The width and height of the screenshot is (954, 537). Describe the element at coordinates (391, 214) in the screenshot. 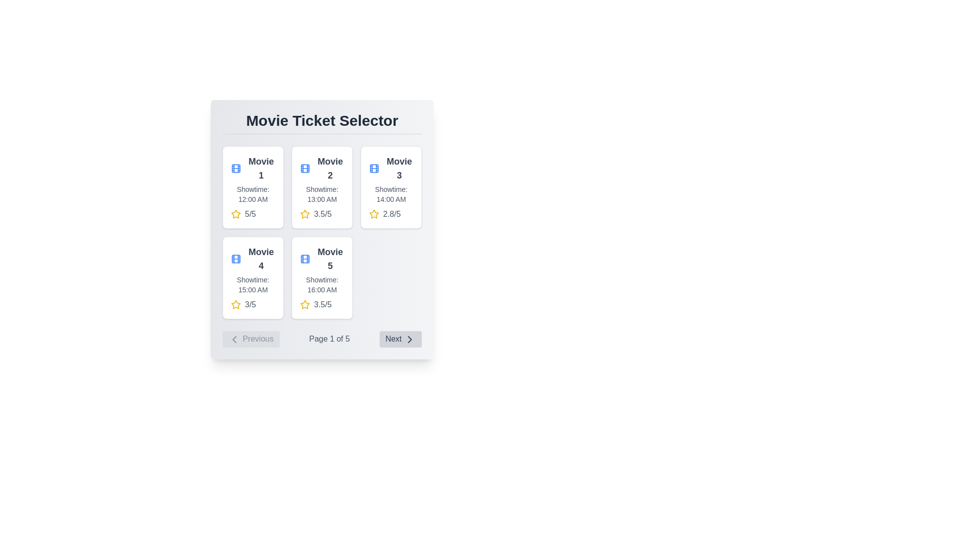

I see `the rating display for 'Movie 3', which shows a star icon and numerical rating, located below 'Showtime: 14:00 AM' in the movie card` at that location.